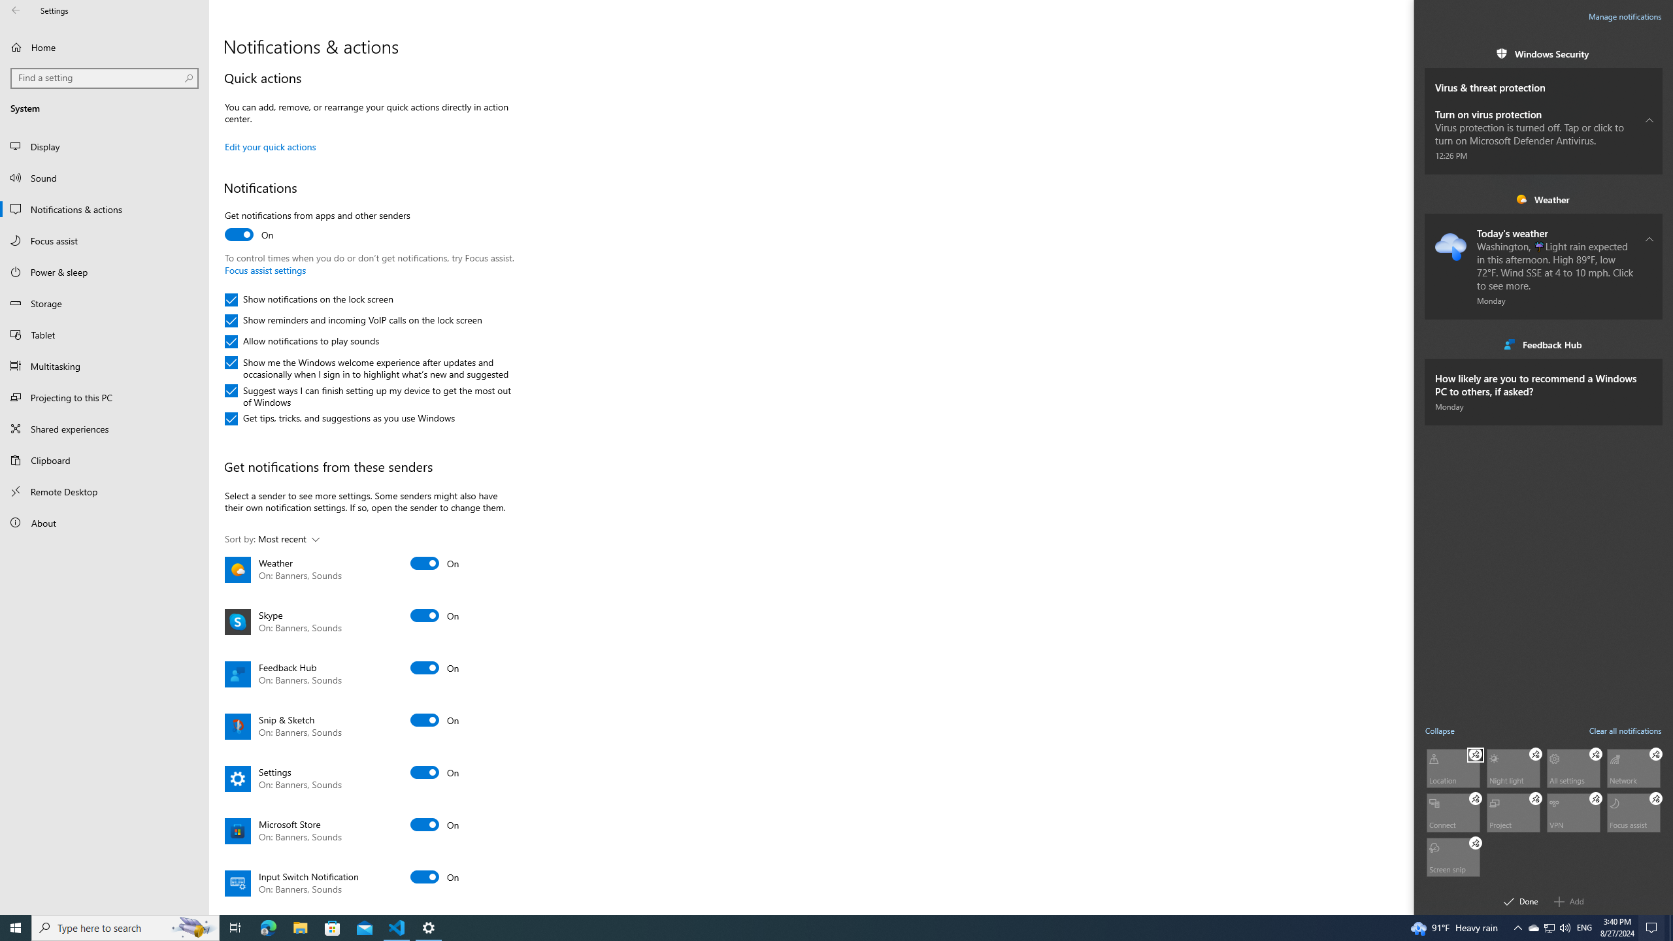 The width and height of the screenshot is (1673, 941). Describe the element at coordinates (1521, 900) in the screenshot. I see `'Done editing quick actions'` at that location.